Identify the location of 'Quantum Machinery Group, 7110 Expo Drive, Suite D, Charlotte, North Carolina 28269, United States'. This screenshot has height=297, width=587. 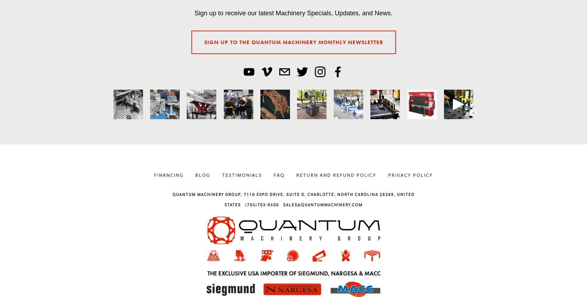
(293, 200).